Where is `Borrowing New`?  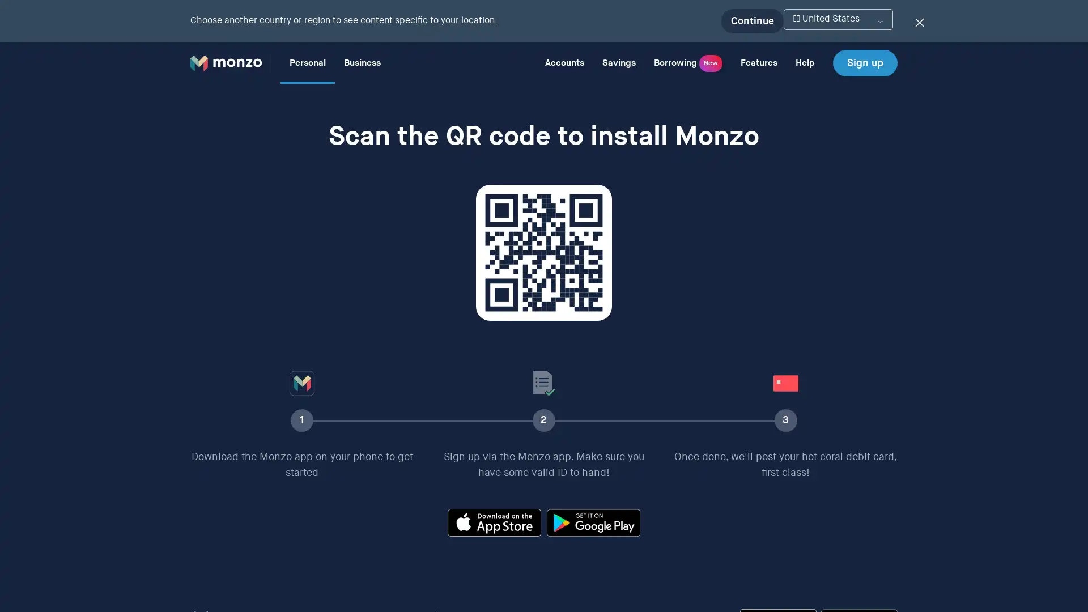
Borrowing New is located at coordinates (687, 63).